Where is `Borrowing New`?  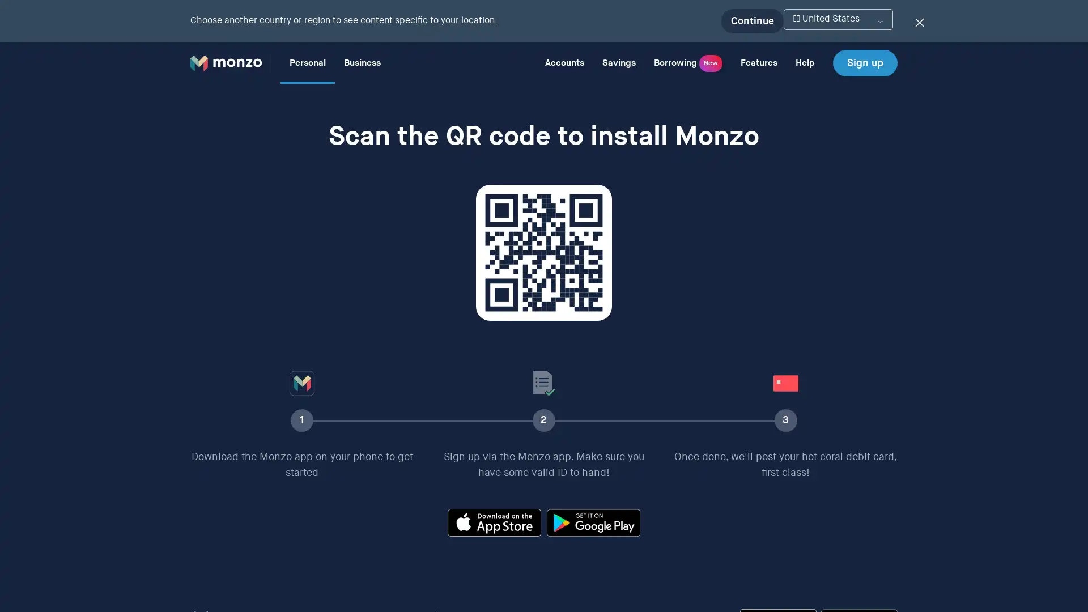
Borrowing New is located at coordinates (687, 63).